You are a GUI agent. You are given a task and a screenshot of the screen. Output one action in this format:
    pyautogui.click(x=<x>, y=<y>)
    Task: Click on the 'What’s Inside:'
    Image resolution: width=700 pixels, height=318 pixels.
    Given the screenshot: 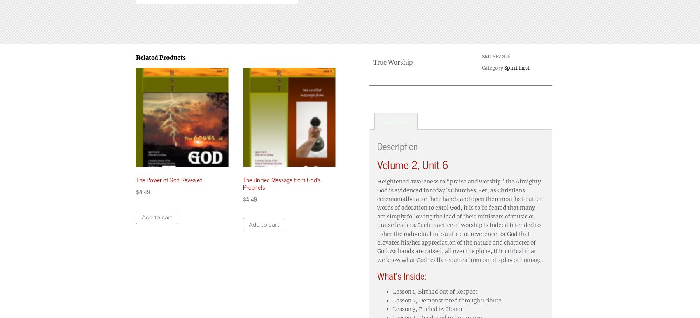 What is the action you would take?
    pyautogui.click(x=402, y=274)
    